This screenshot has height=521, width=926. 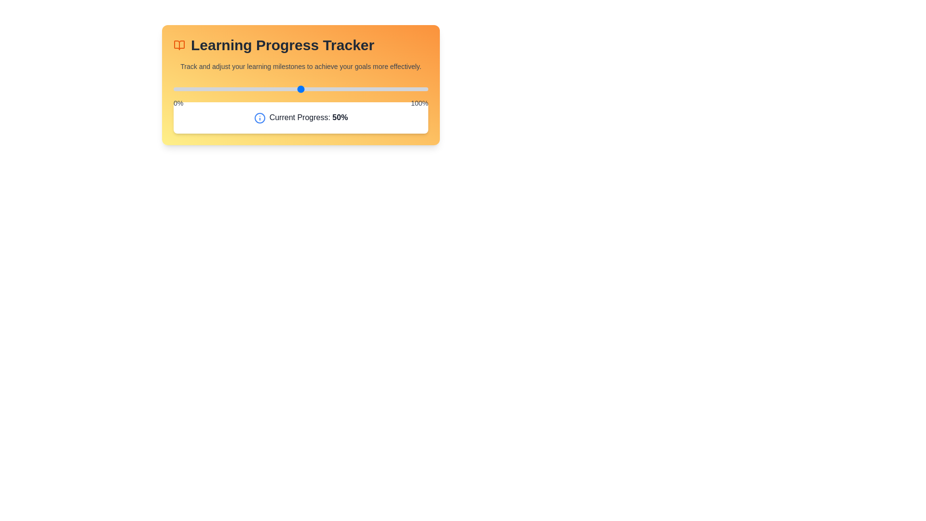 What do you see at coordinates (300, 45) in the screenshot?
I see `the 'Learning Progress Tracker' title` at bounding box center [300, 45].